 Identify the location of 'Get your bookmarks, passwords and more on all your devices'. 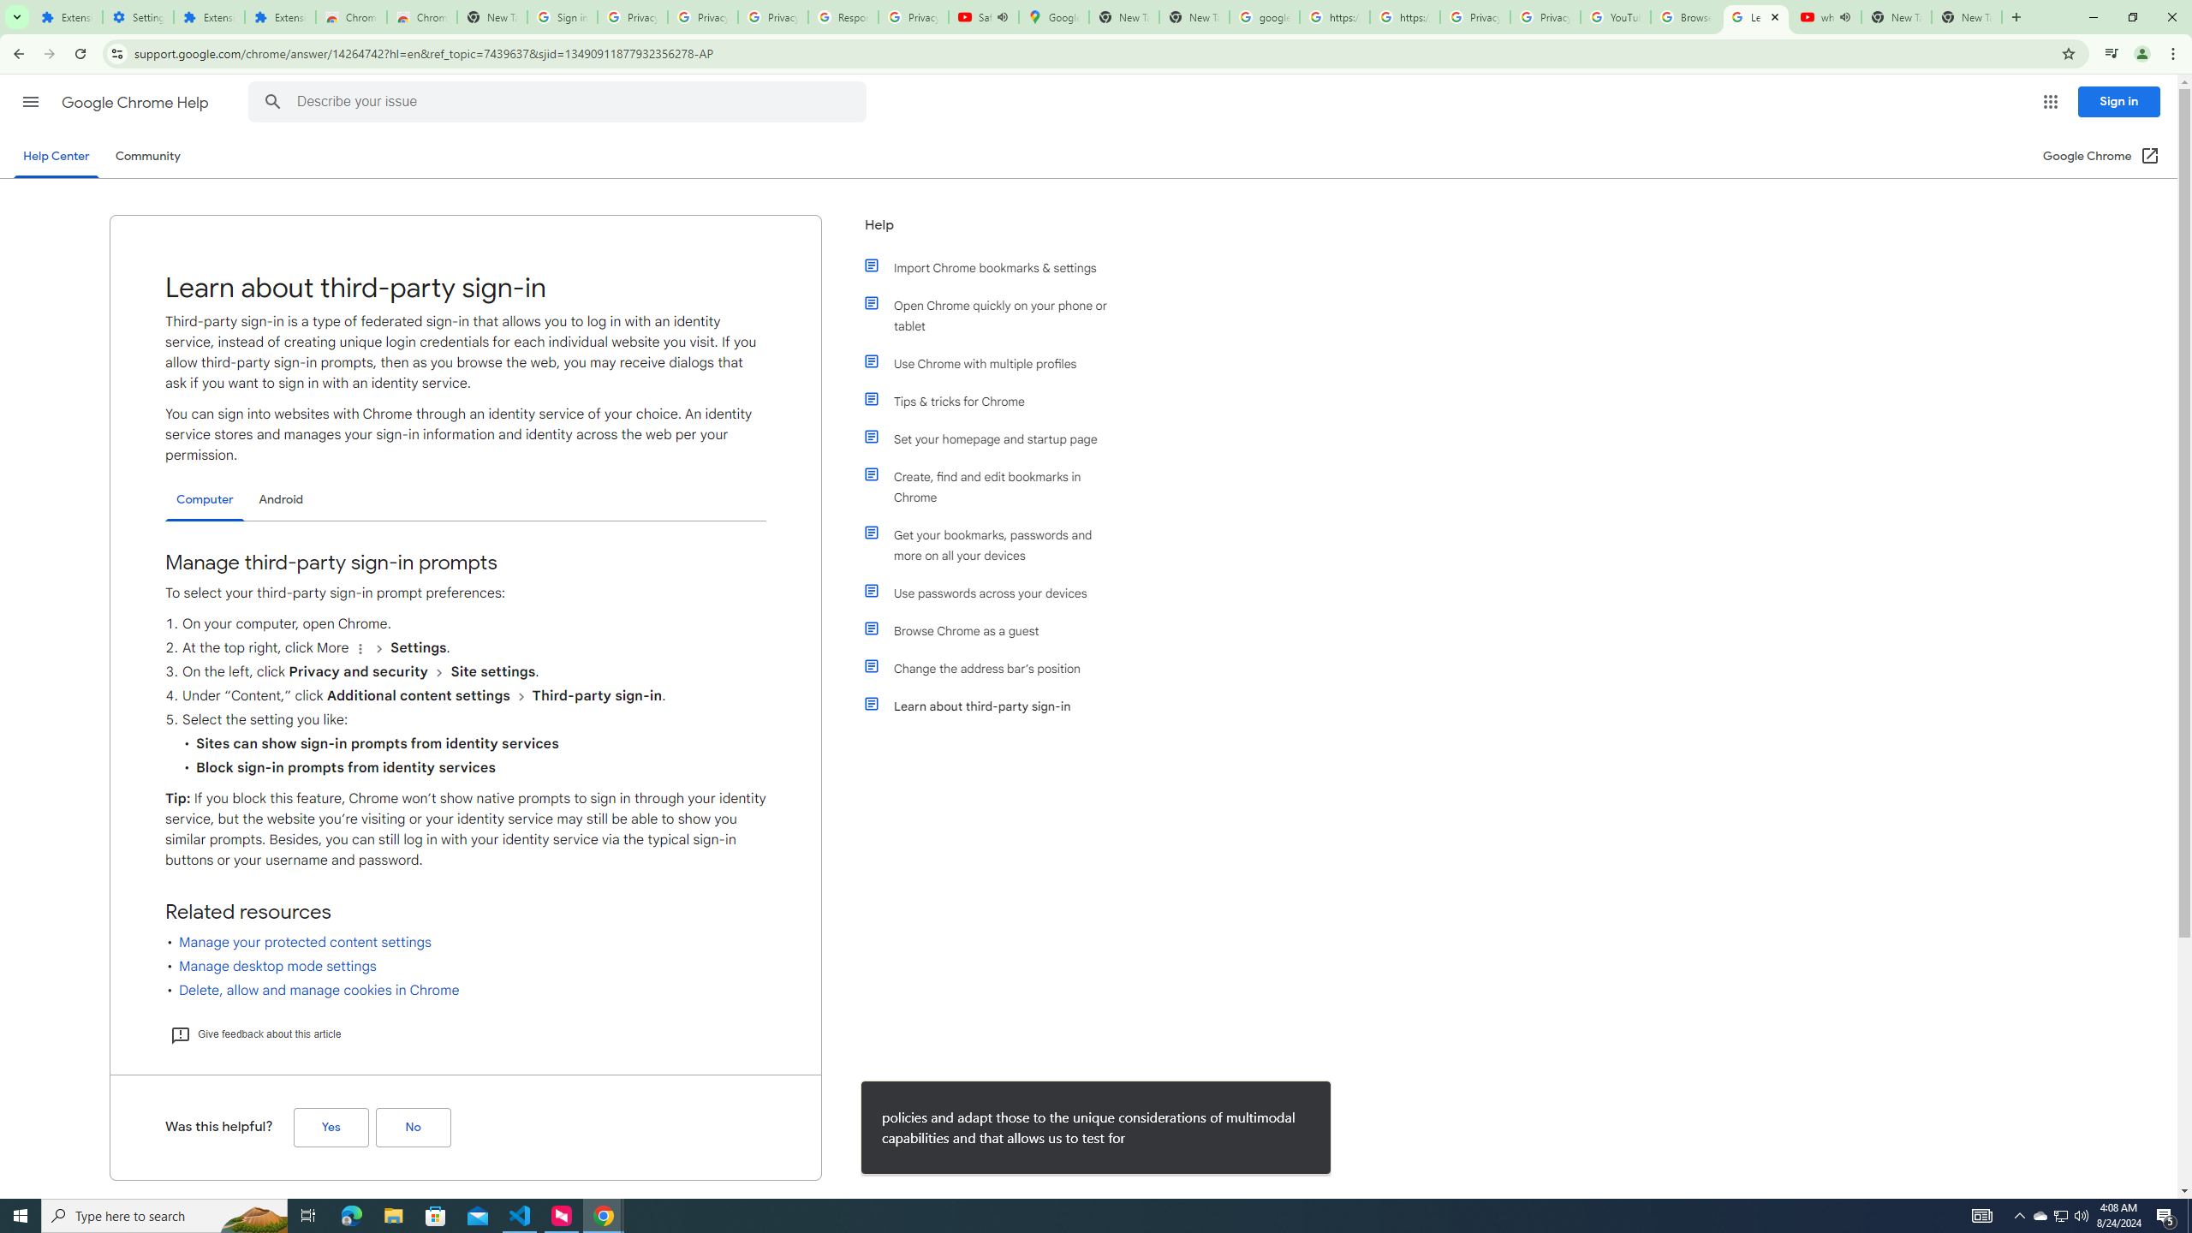
(995, 545).